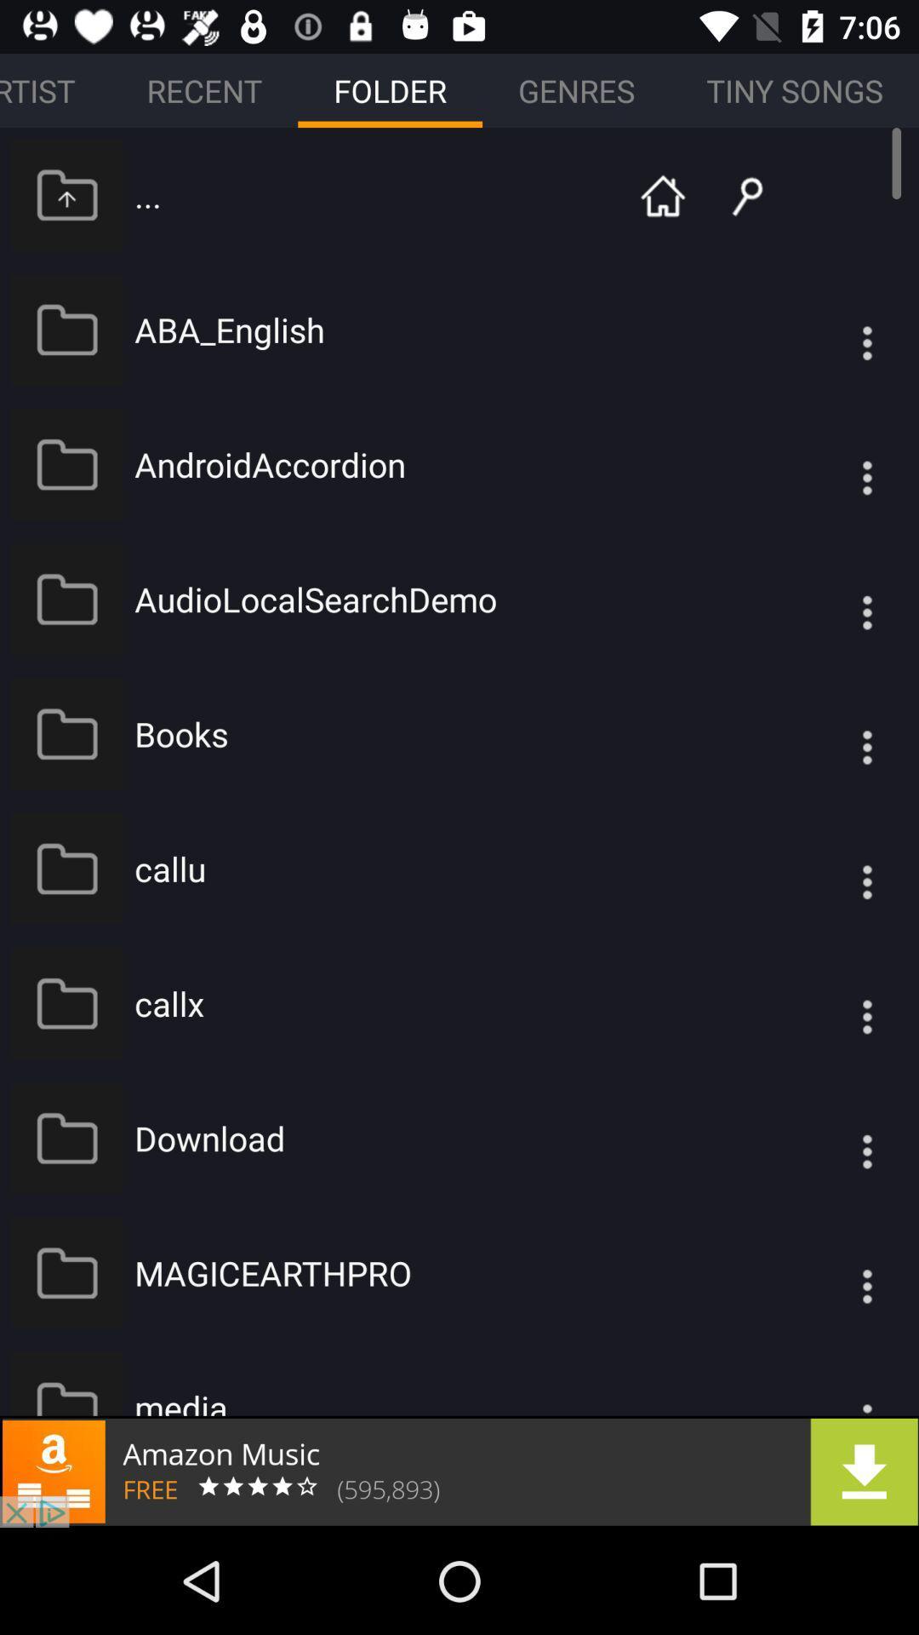 This screenshot has width=919, height=1635. I want to click on settings, so click(832, 1382).